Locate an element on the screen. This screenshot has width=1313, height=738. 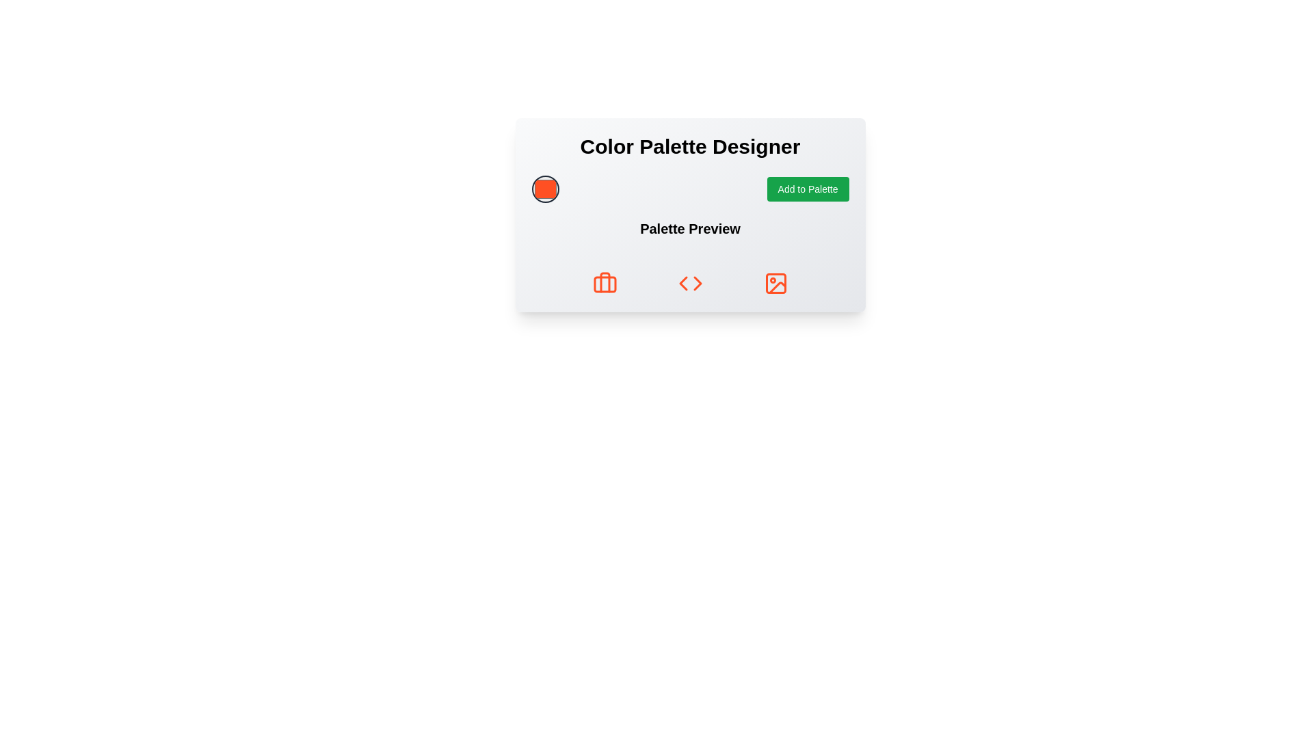
the 'Palette Preview' text header, which is bold and centrally aligned in a light gray background, positioned below the 'Add to Palette' button is located at coordinates (690, 228).